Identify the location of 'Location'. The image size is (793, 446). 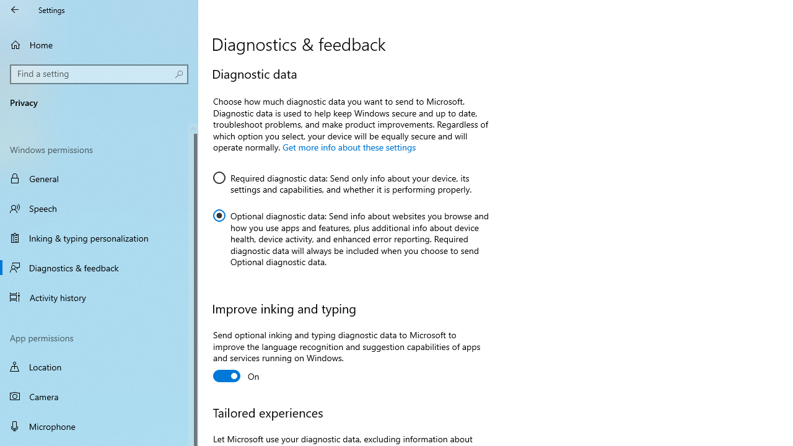
(99, 366).